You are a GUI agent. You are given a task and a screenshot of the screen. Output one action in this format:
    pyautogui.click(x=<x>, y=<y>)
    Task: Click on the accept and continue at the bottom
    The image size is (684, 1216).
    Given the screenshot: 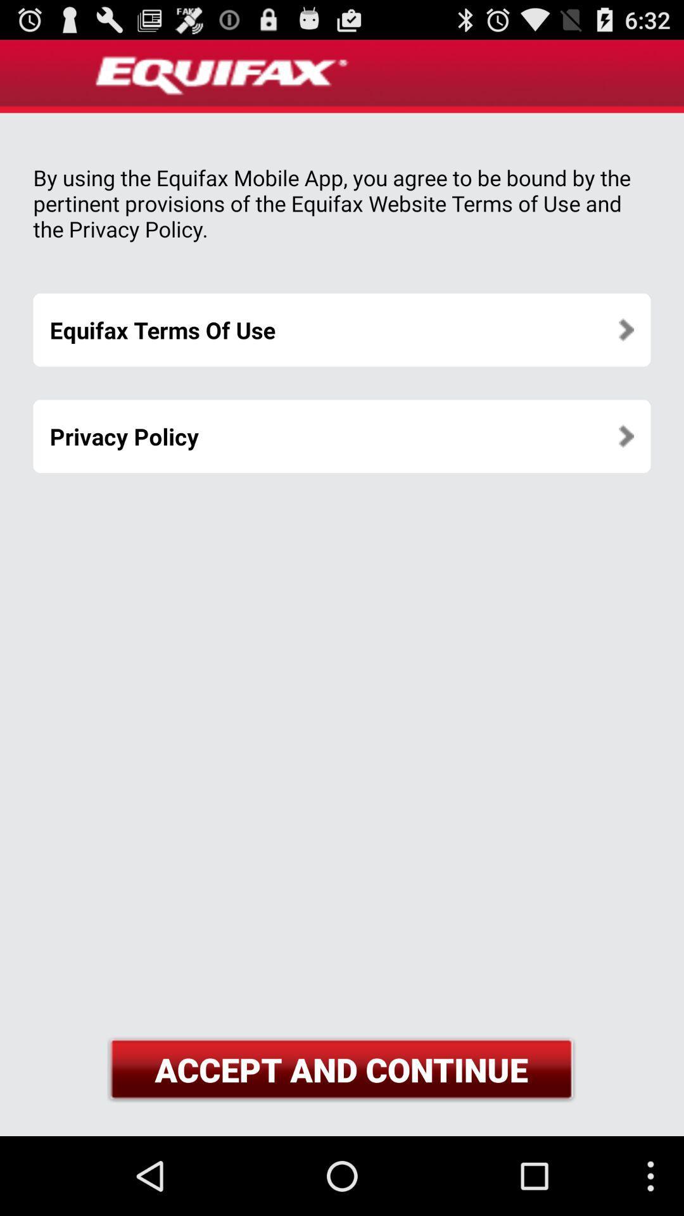 What is the action you would take?
    pyautogui.click(x=341, y=1069)
    